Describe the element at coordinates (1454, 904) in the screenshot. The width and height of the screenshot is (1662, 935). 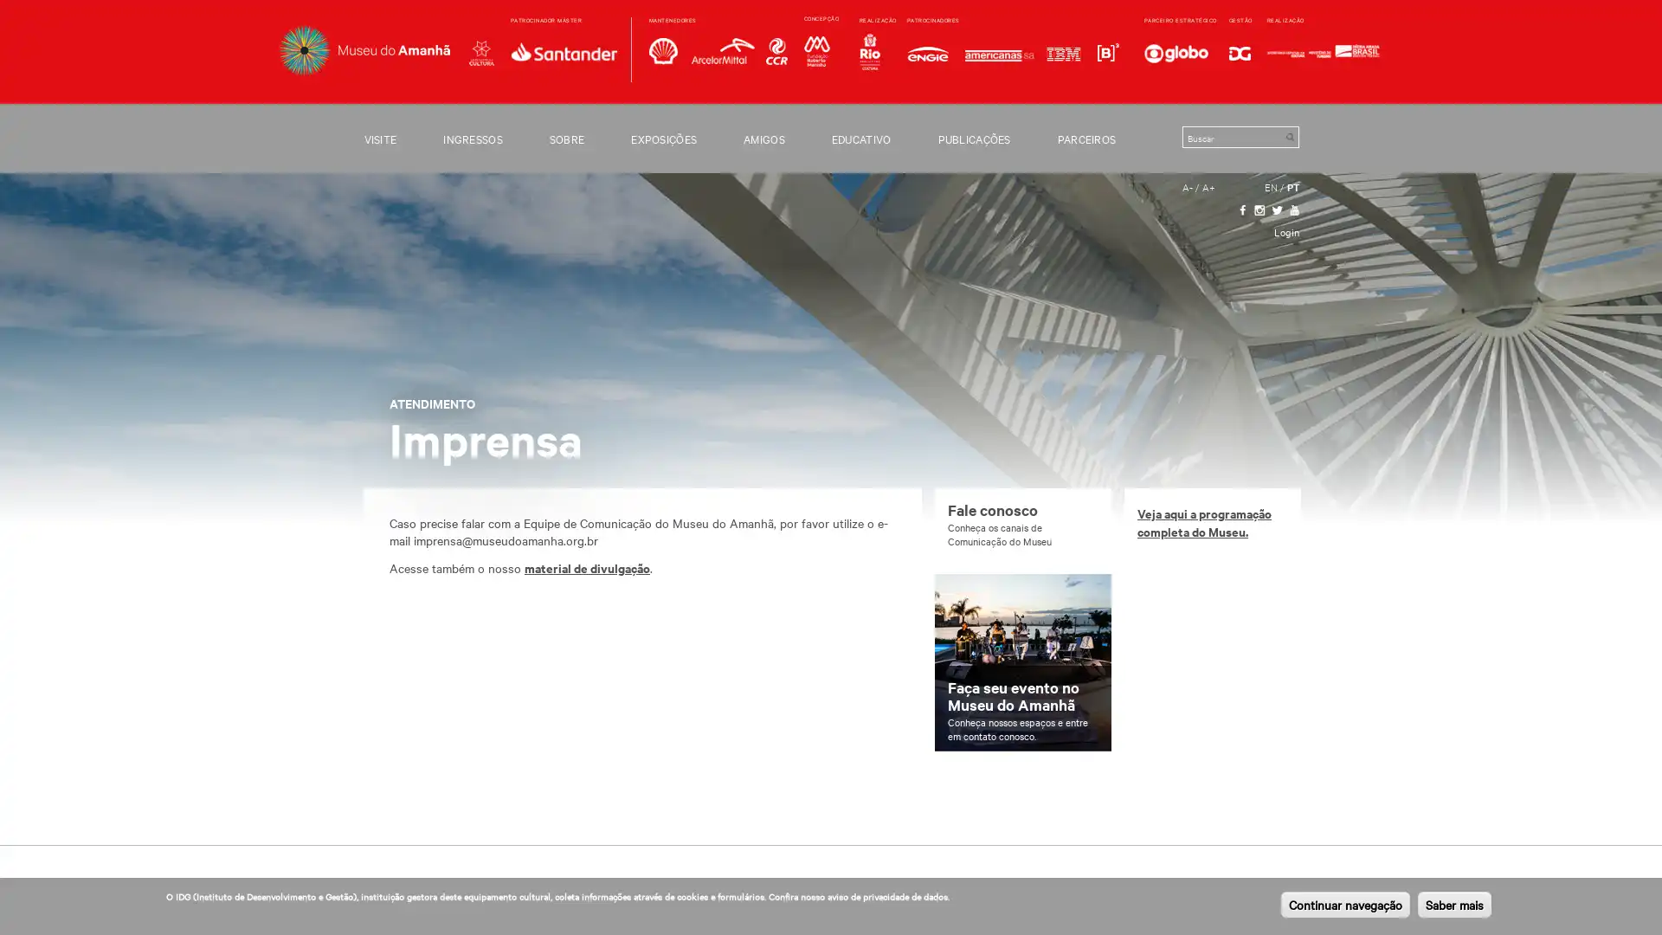
I see `Saber mais` at that location.